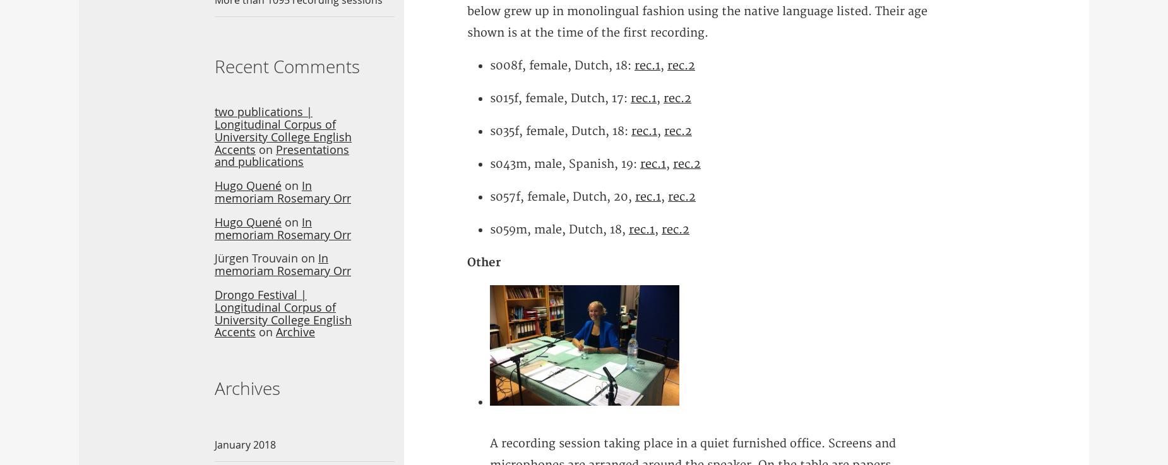  Describe the element at coordinates (562, 197) in the screenshot. I see `'s057f, female, Dutch, 20,'` at that location.